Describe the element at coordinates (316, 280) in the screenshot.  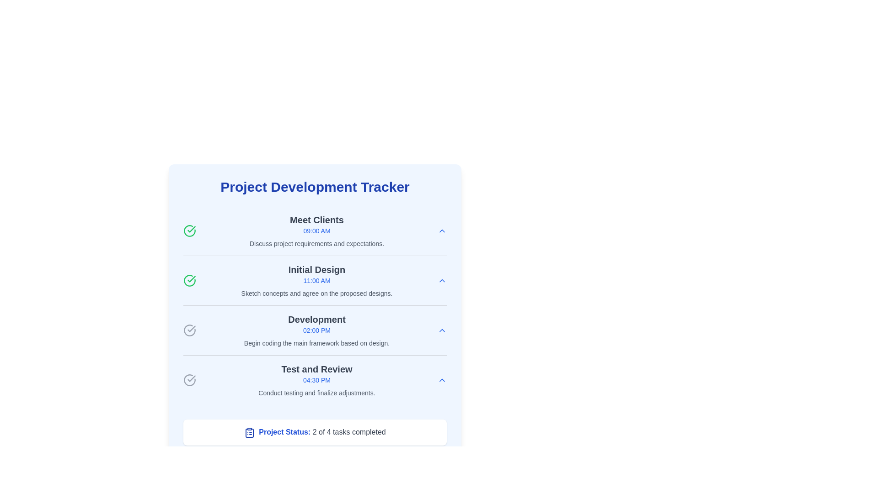
I see `the Text label displaying '11:00 AM' in a small, blue font, located under the 'Initial Design' section` at that location.